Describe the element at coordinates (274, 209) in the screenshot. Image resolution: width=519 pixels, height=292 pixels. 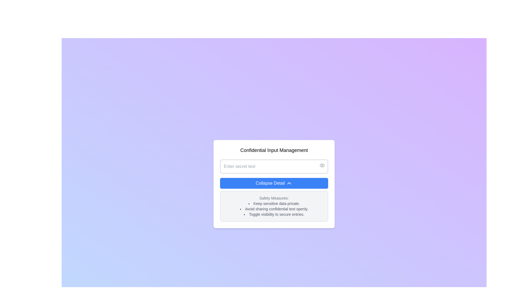
I see `the text label displaying 'Avoid sharing confidential text openly.' which is the second item in a bullet-point list on the white card section` at that location.